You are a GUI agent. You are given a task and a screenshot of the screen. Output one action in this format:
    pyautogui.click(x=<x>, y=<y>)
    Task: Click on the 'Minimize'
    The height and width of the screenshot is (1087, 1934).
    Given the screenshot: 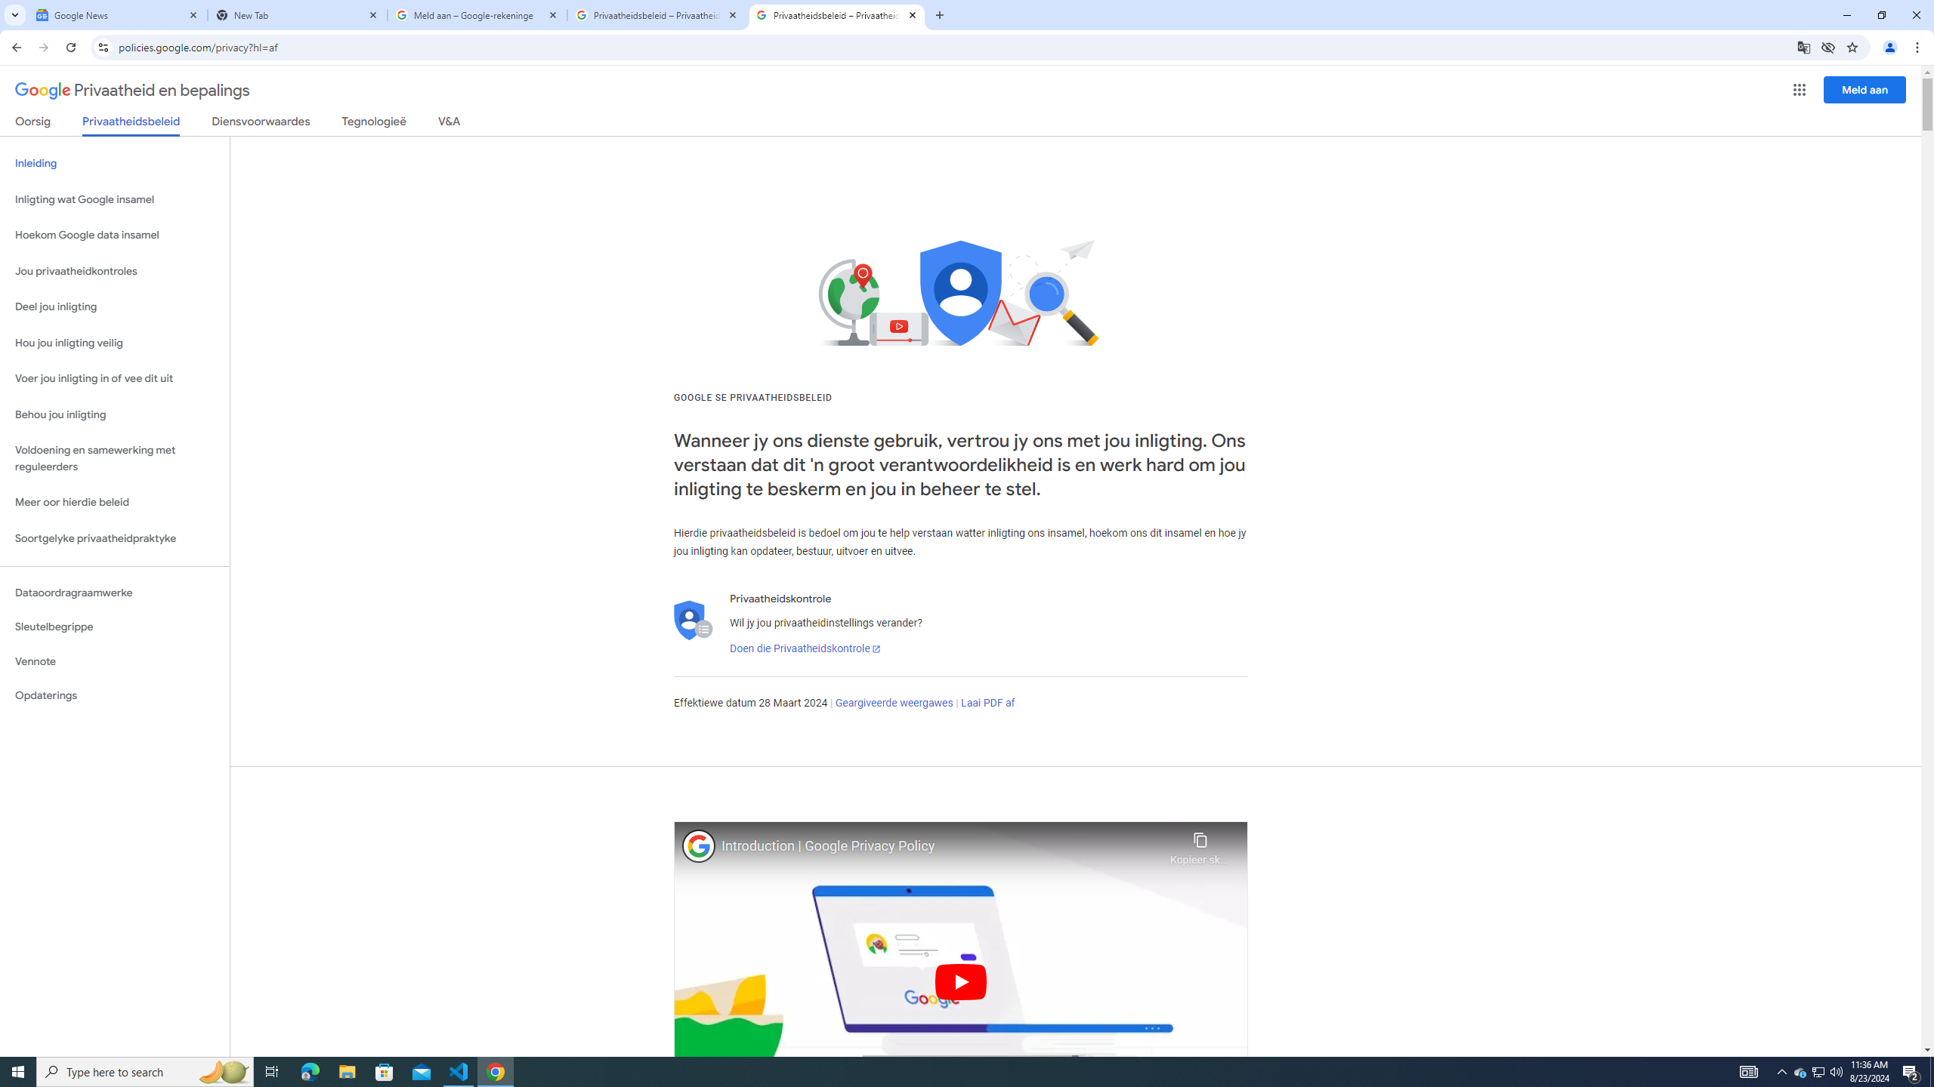 What is the action you would take?
    pyautogui.click(x=1846, y=14)
    